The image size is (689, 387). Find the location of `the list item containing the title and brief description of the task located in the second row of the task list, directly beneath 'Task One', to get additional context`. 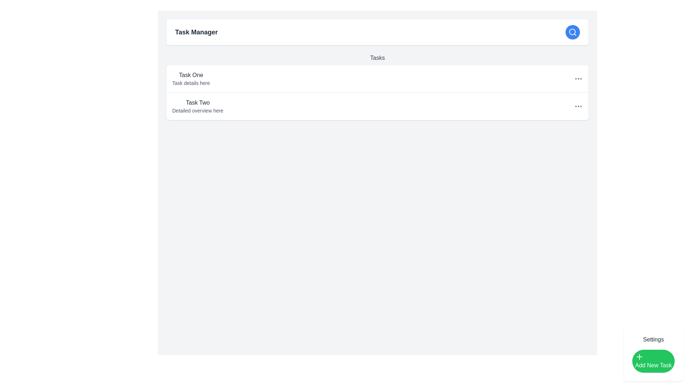

the list item containing the title and brief description of the task located in the second row of the task list, directly beneath 'Task One', to get additional context is located at coordinates (198, 106).